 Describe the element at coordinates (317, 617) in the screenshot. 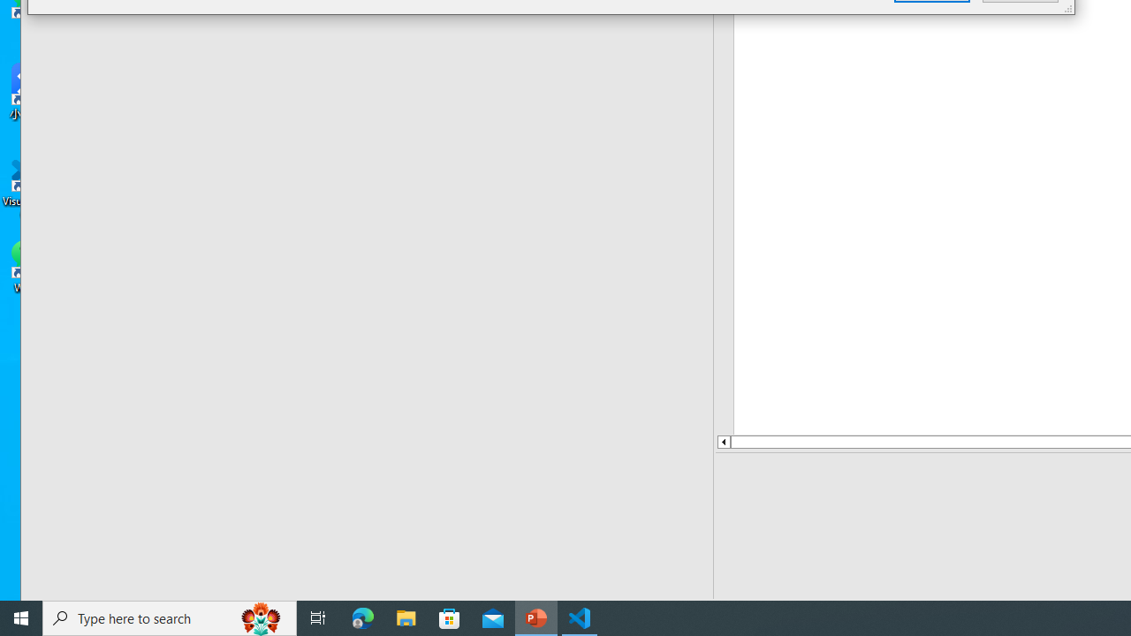

I see `'Task View'` at that location.